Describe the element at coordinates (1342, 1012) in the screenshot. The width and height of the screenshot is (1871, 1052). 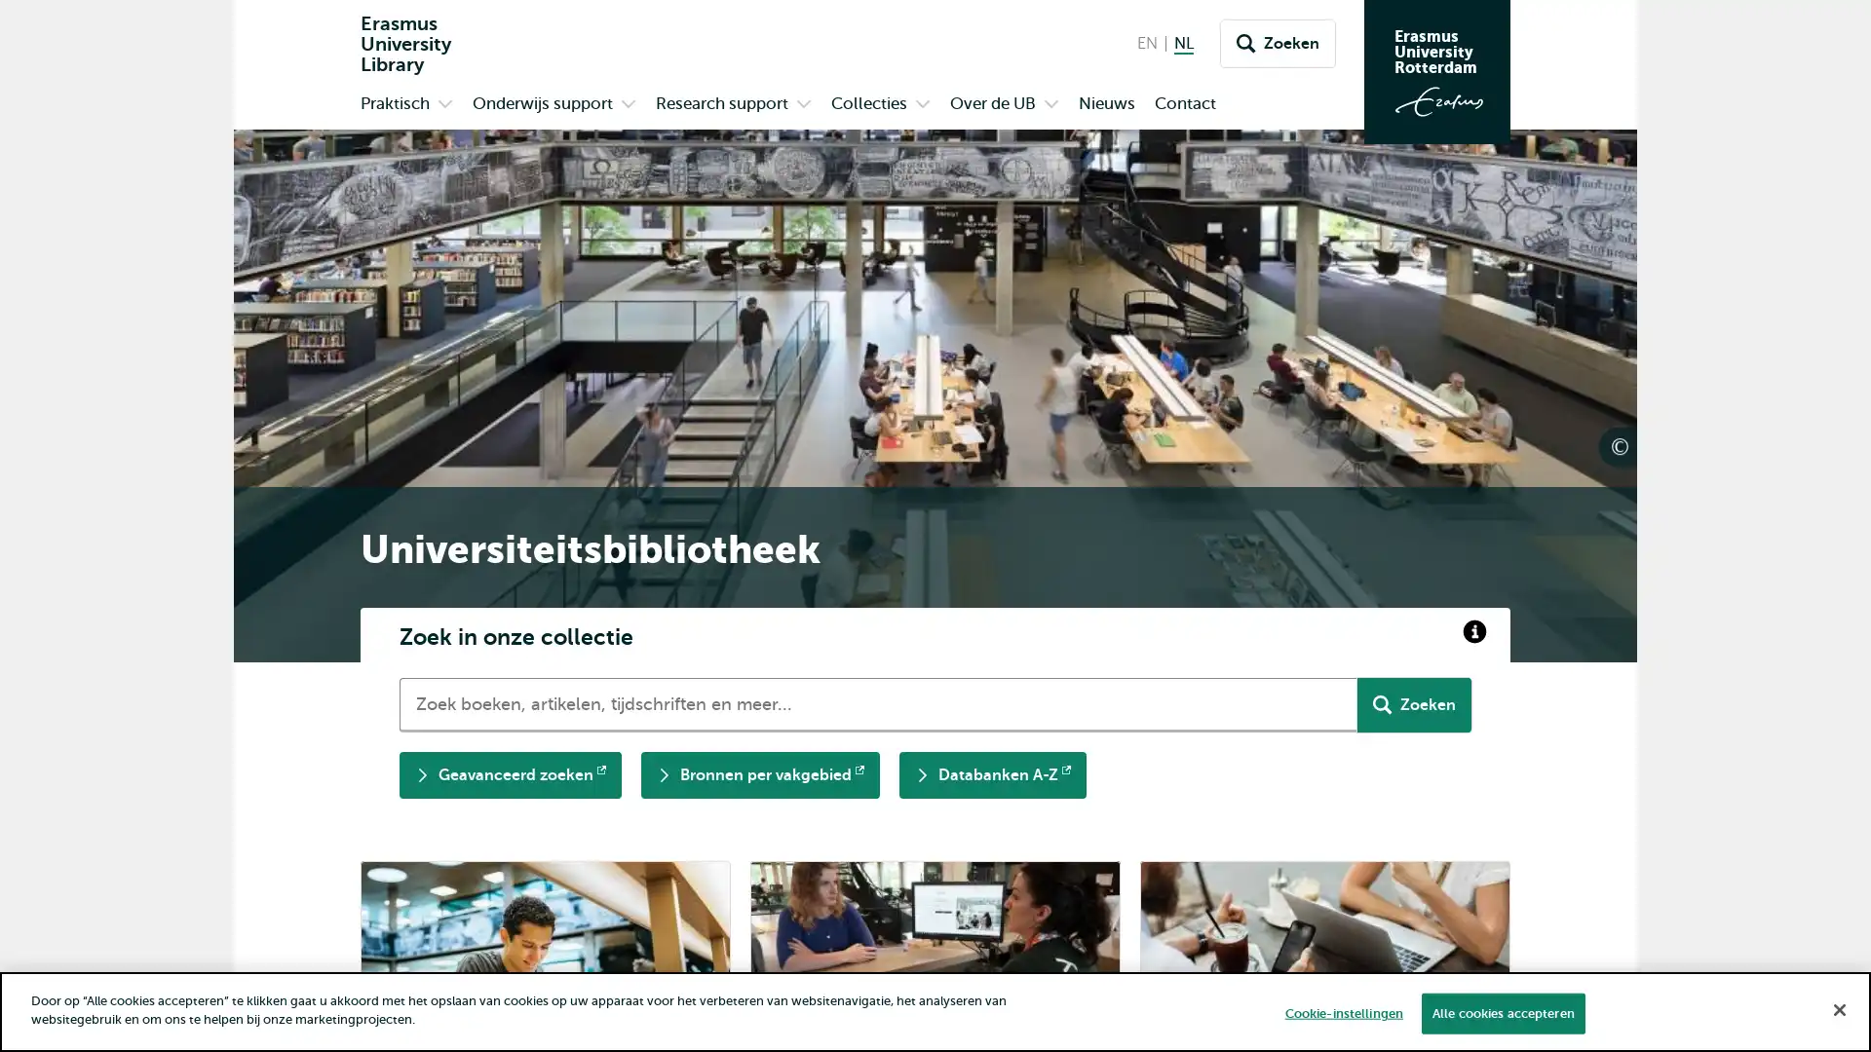
I see `Cookie-instellingen` at that location.